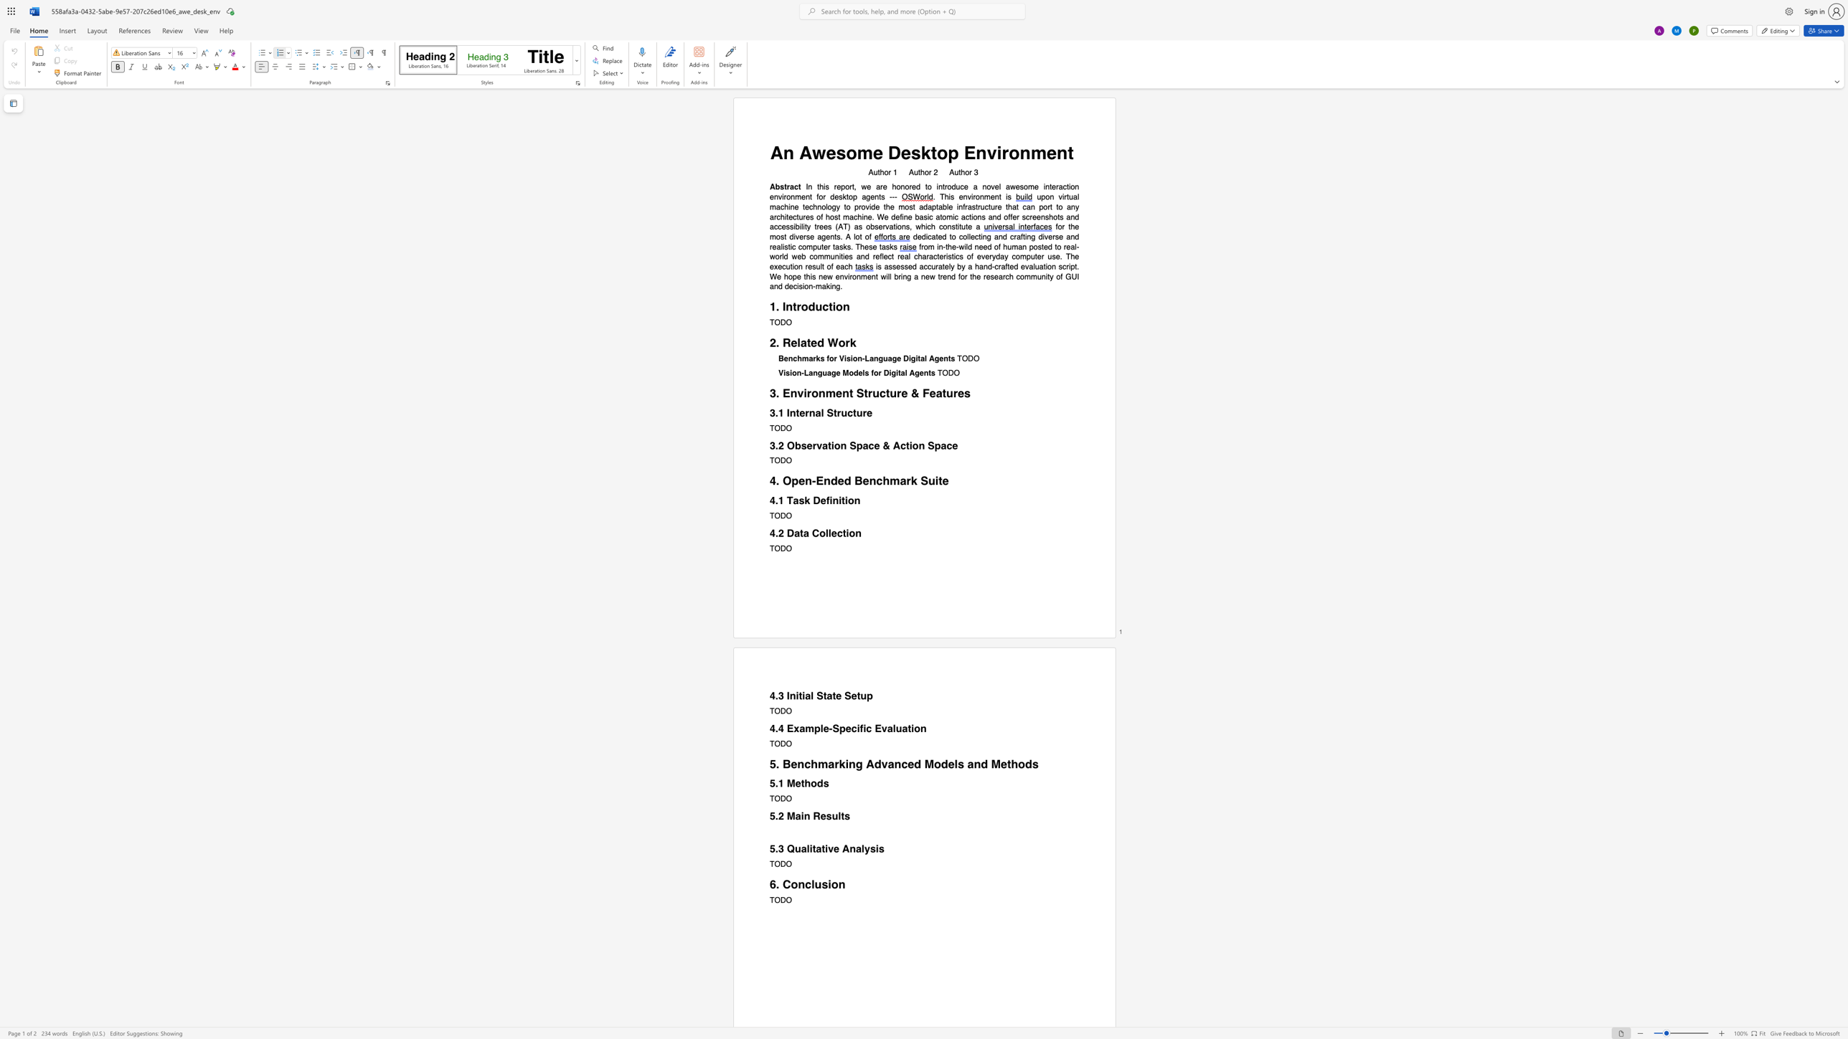  I want to click on the space between the continuous character "o" and "n" in the text, so click(853, 500).